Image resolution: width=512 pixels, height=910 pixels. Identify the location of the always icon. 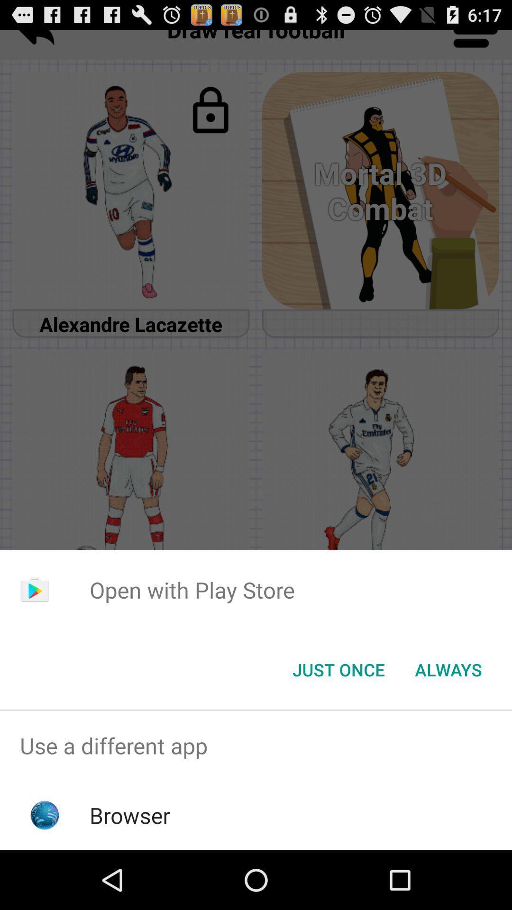
(448, 669).